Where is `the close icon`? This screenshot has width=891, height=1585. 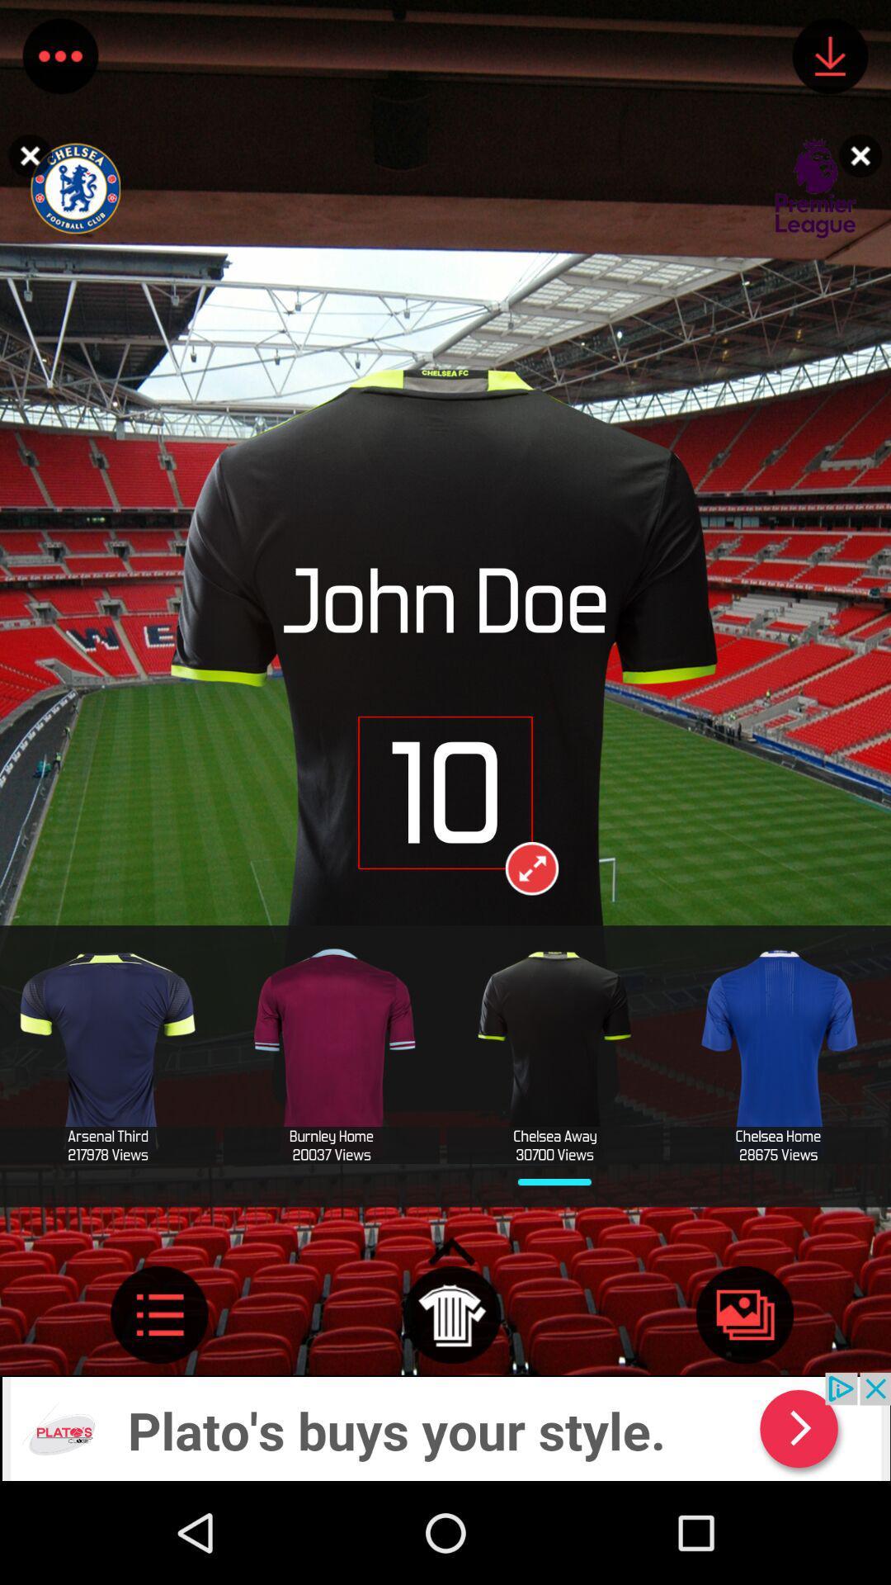 the close icon is located at coordinates (864, 155).